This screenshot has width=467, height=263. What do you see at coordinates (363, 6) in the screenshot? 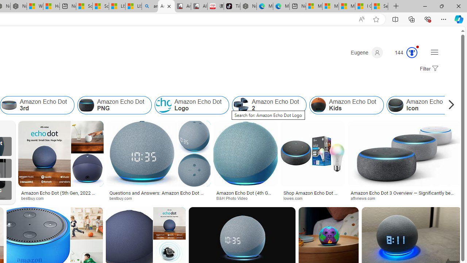
I see `'I Gained 20 Pounds of Muscle in 30 Days! | Watch'` at bounding box center [363, 6].